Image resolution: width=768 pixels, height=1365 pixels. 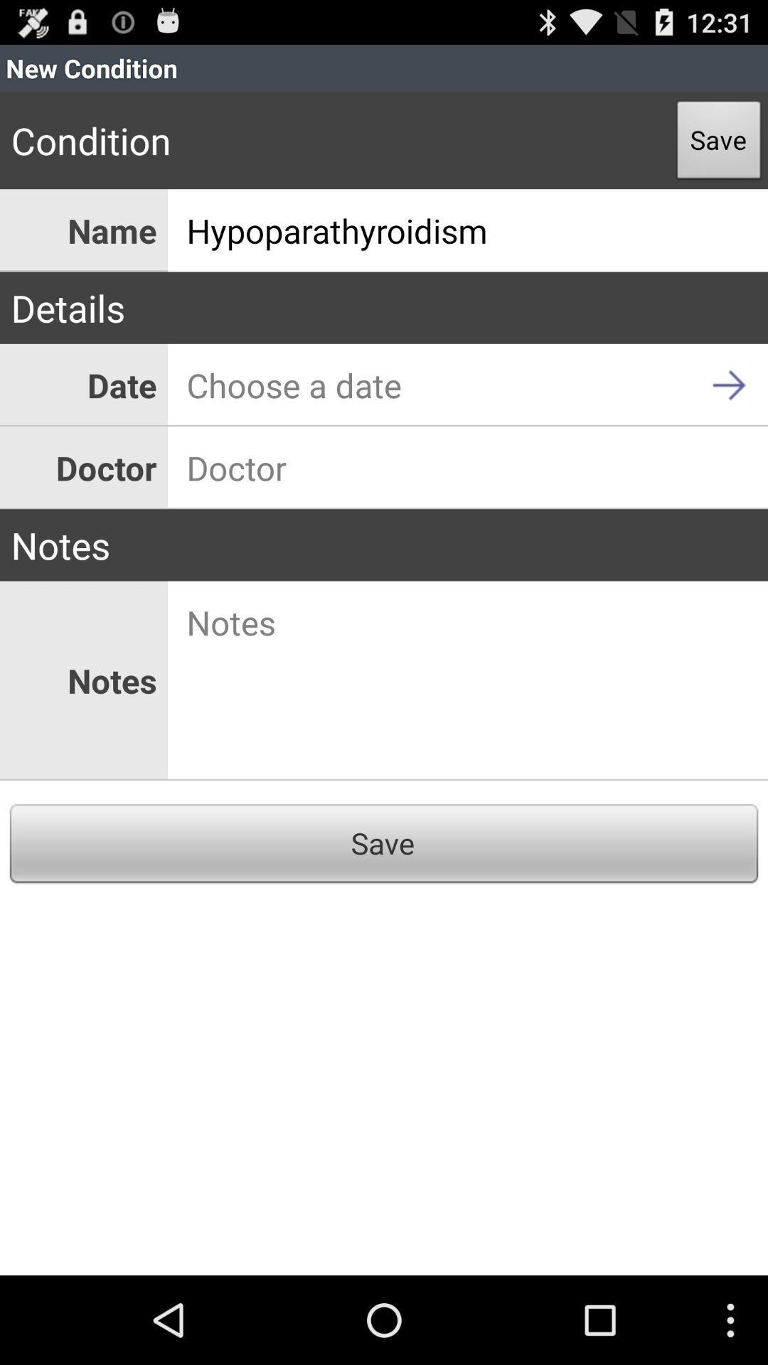 I want to click on icon below the details, so click(x=468, y=385).